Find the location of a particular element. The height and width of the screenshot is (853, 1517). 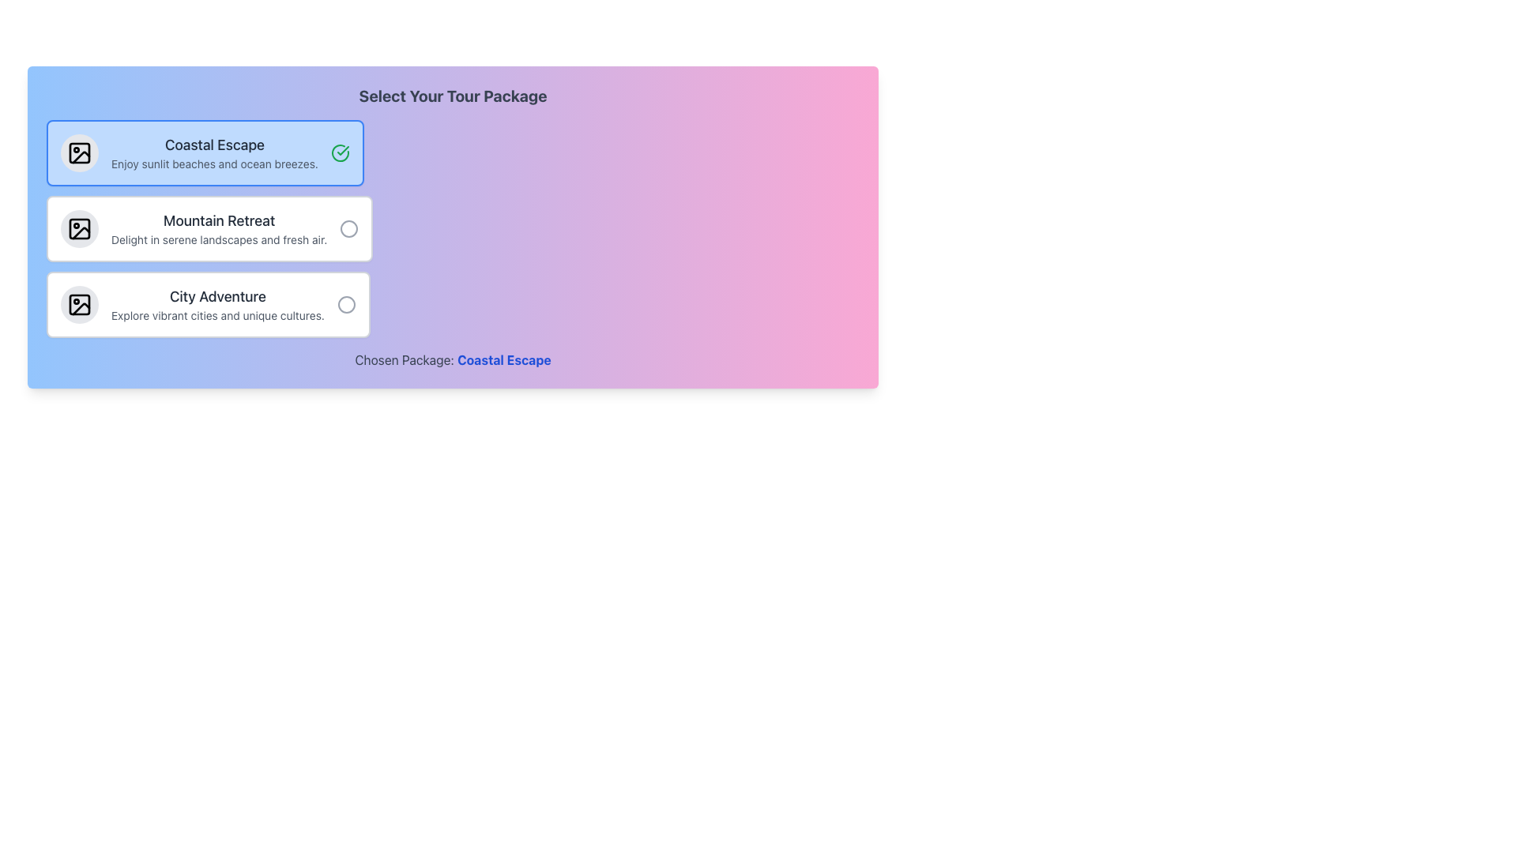

the text label indicating the name of the tour package option 'City Adventure', which is positioned as the header text within the third option of a list of tour packages is located at coordinates (216, 296).